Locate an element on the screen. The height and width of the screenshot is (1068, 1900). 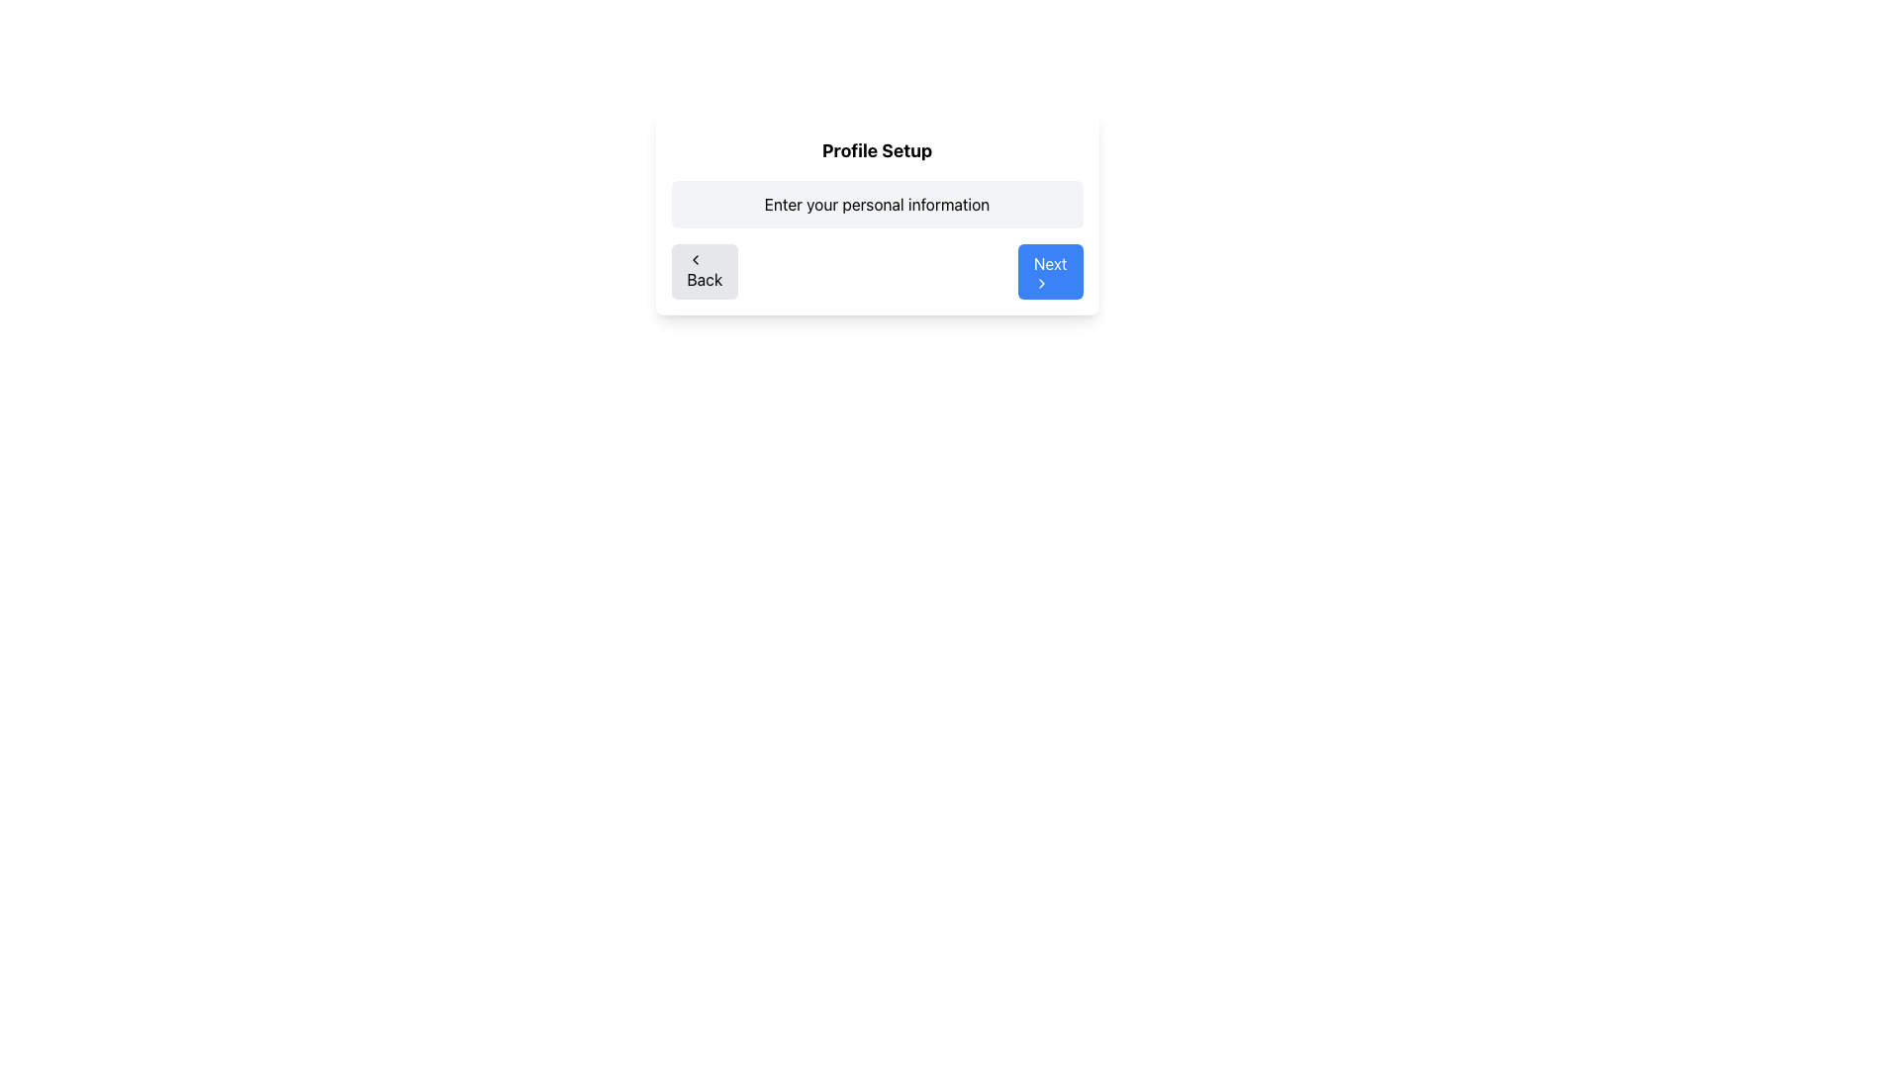
blank space between the 'Back' and 'Next' buttons of the Navigation control located below the text 'Enter your personal information' is located at coordinates (876, 271).